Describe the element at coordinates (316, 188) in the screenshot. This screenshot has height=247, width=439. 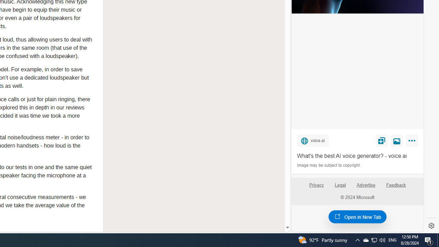
I see `'Privacy'` at that location.